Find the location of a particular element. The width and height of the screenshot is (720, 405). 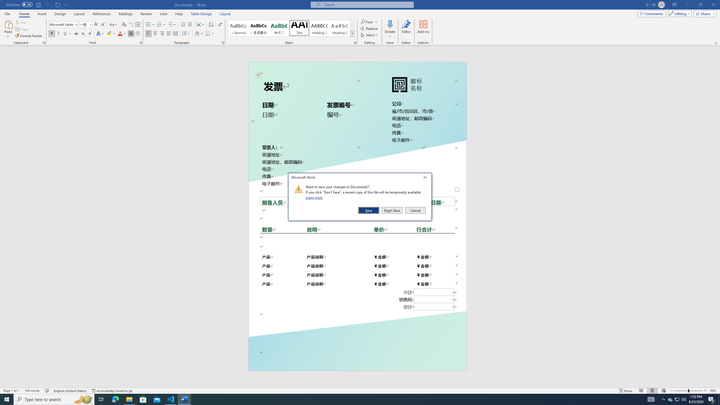

'Clear Formatting' is located at coordinates (124, 24).